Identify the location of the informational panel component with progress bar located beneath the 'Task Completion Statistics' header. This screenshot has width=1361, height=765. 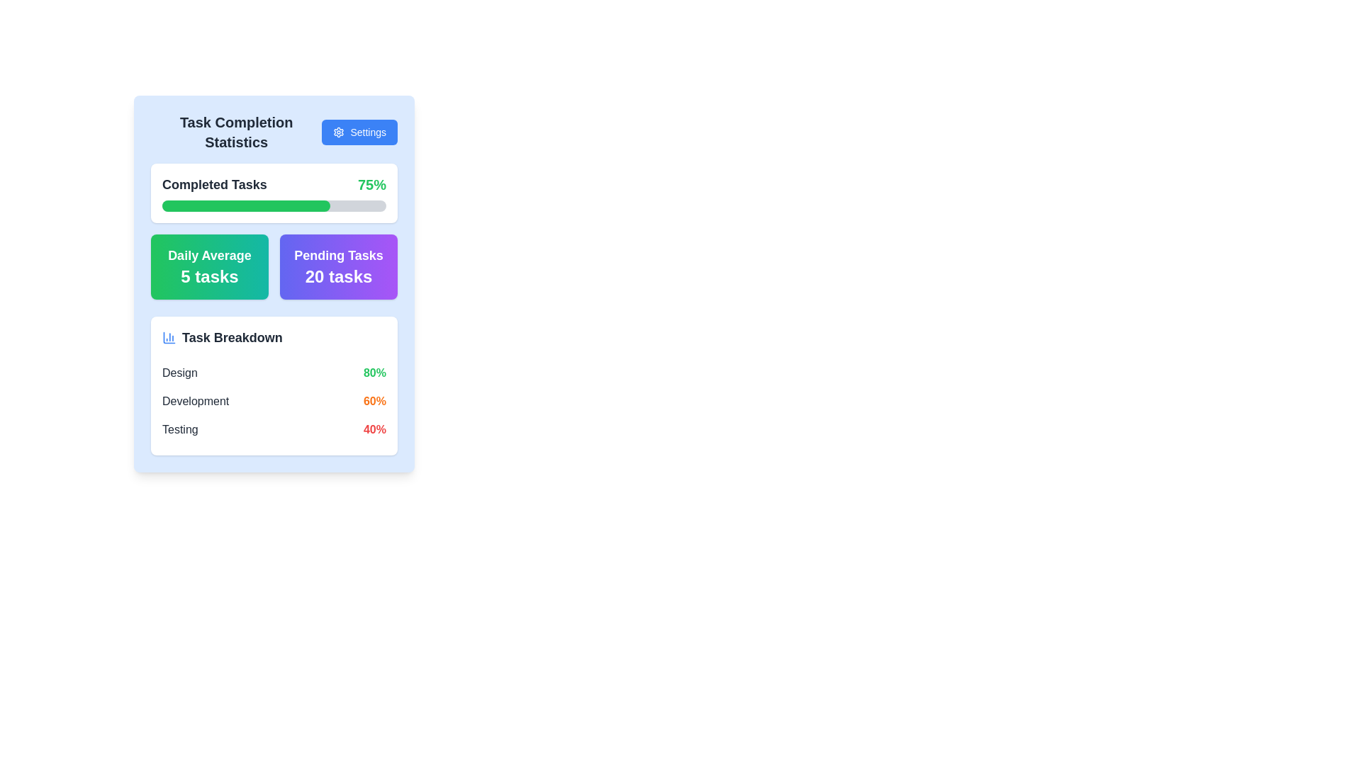
(274, 193).